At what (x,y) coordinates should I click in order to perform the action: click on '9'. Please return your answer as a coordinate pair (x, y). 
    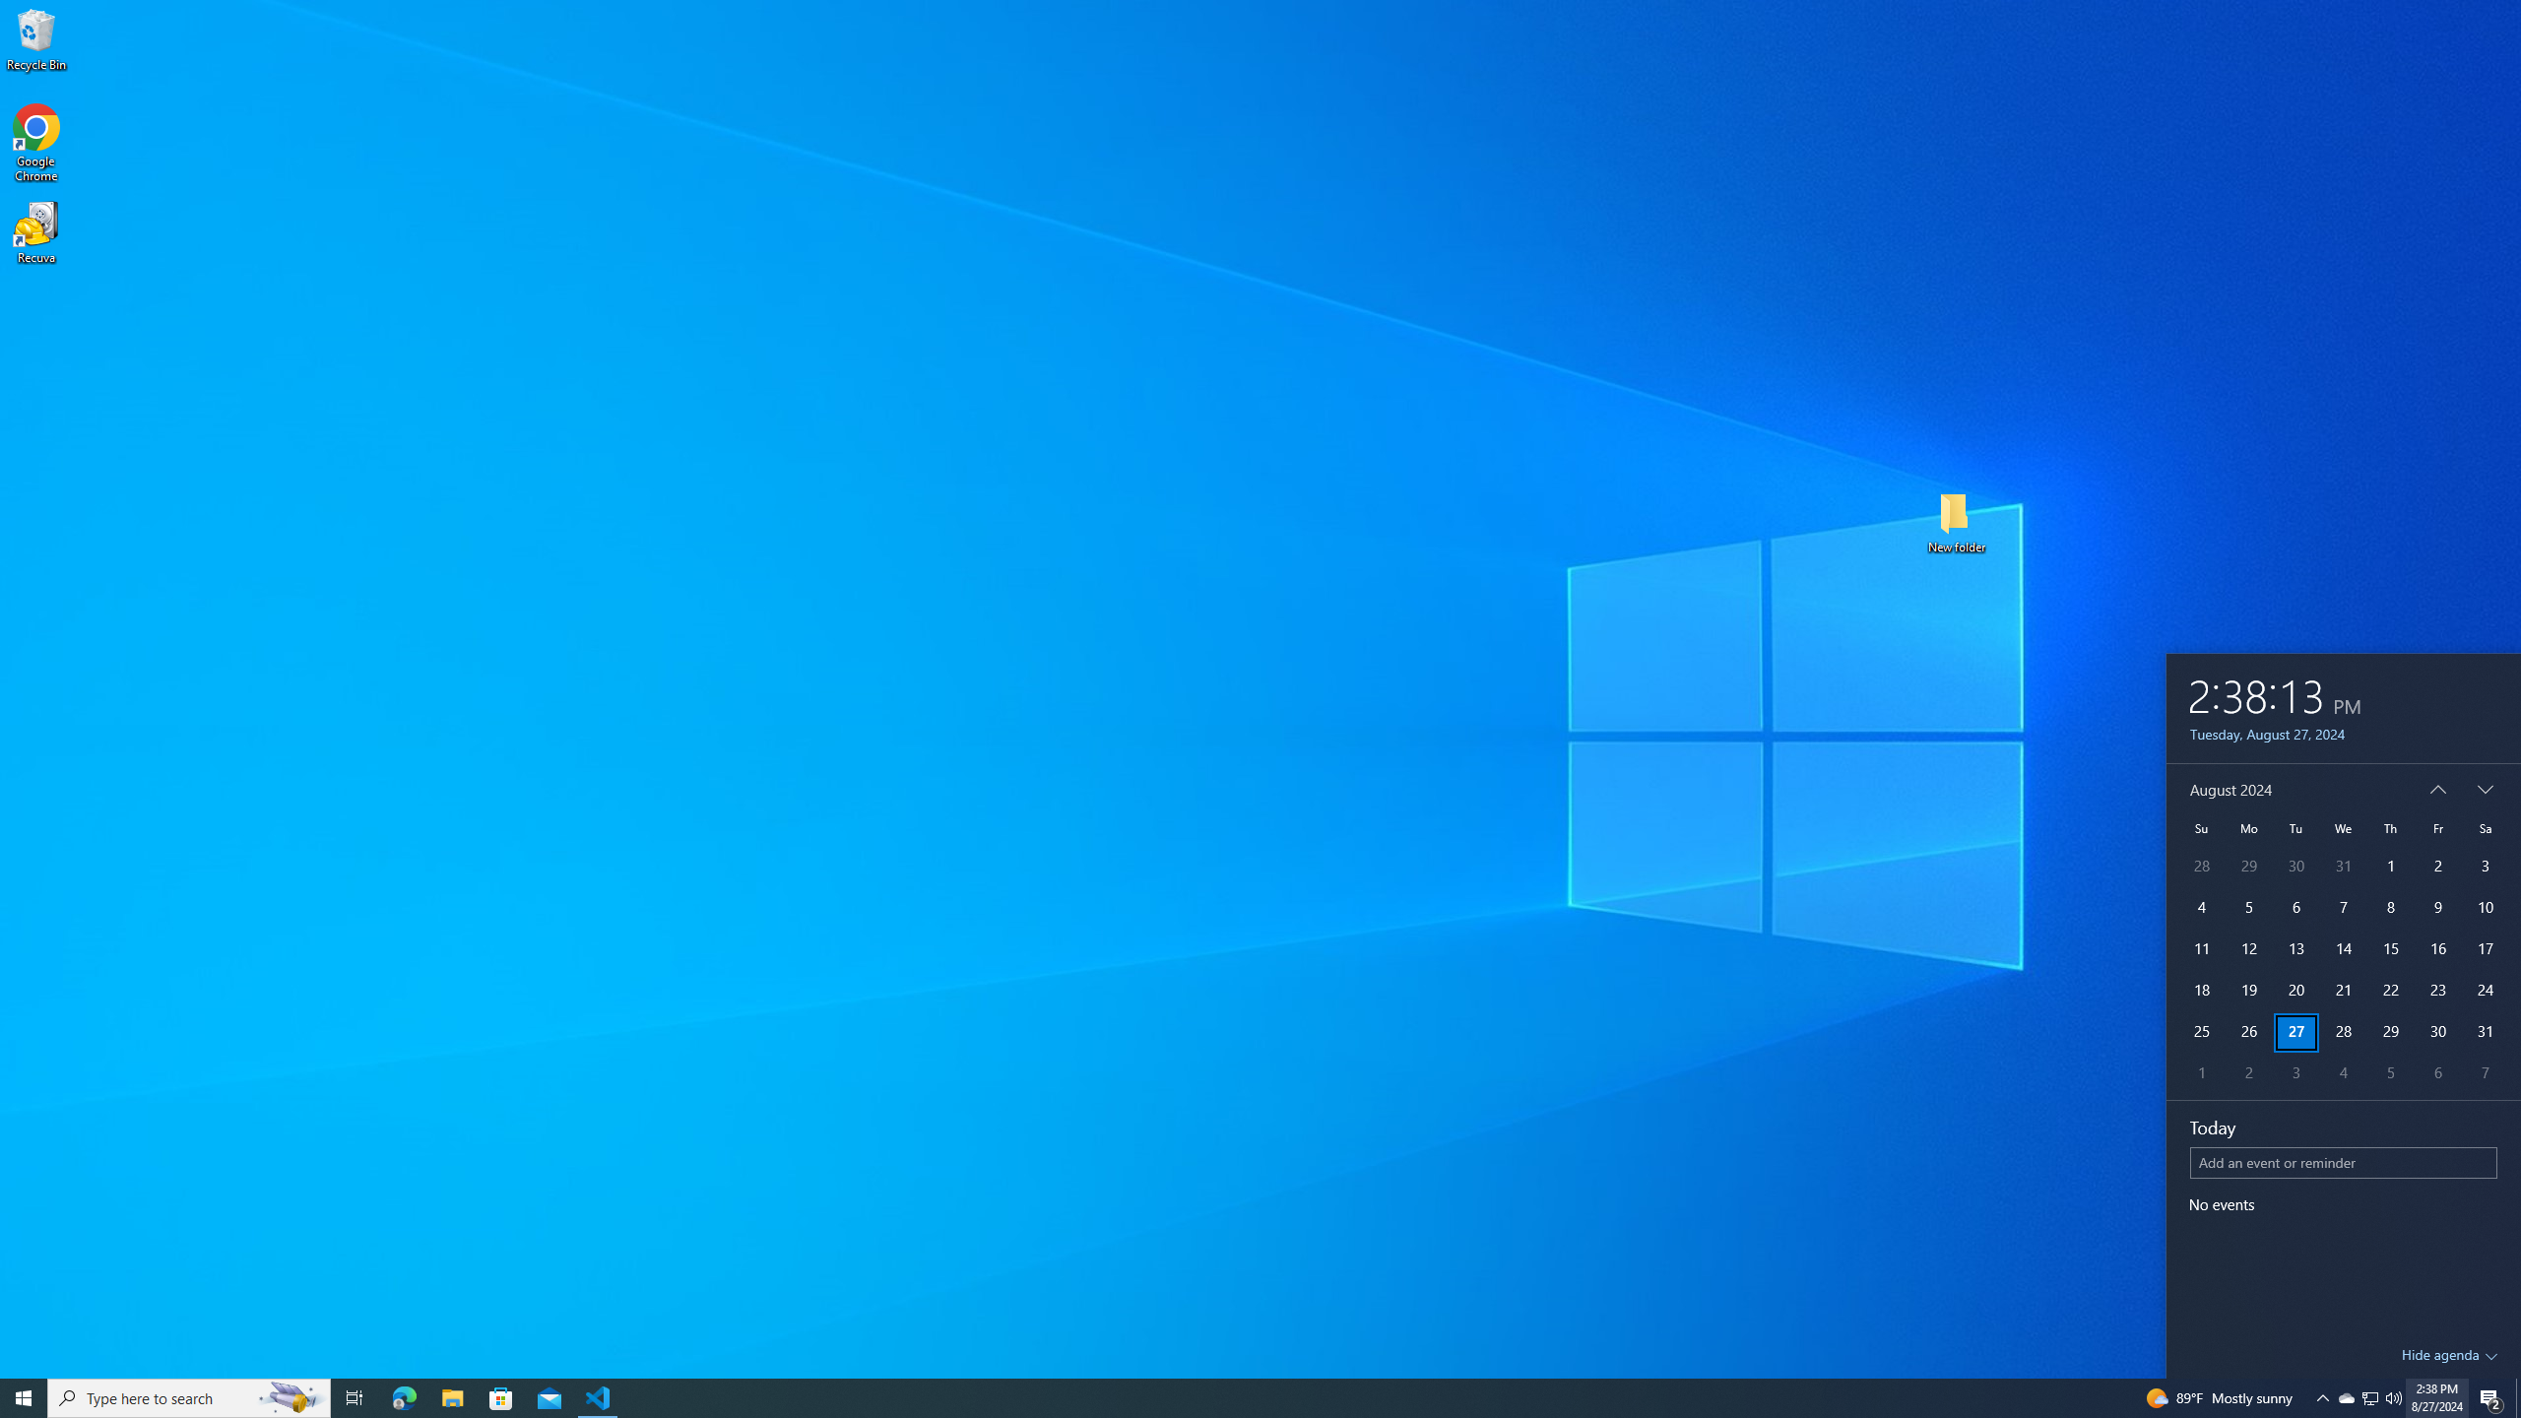
    Looking at the image, I should click on (2436, 908).